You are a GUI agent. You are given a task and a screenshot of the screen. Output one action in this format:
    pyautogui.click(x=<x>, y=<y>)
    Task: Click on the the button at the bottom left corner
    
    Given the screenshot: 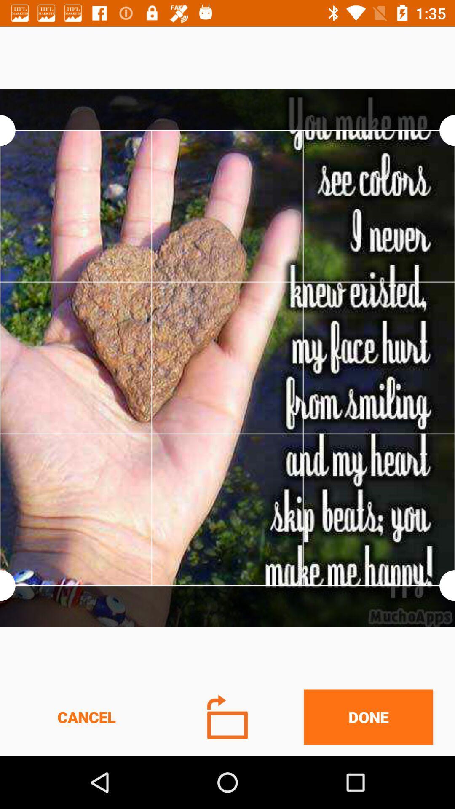 What is the action you would take?
    pyautogui.click(x=86, y=717)
    